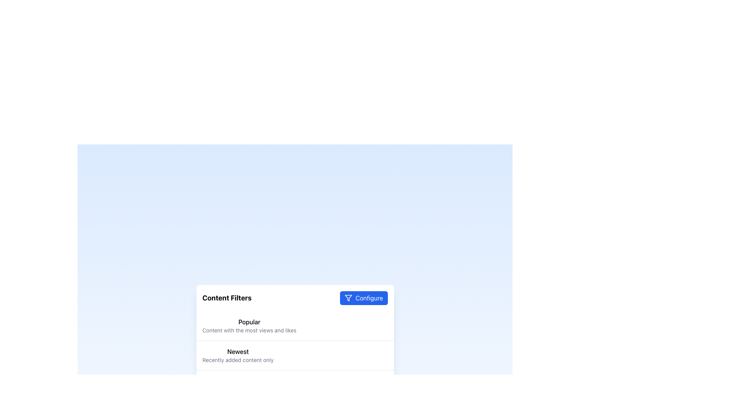 Image resolution: width=741 pixels, height=416 pixels. I want to click on the second filter option in the list, which is located below the 'Popular' option and above the 'Recommended' option, so click(294, 355).